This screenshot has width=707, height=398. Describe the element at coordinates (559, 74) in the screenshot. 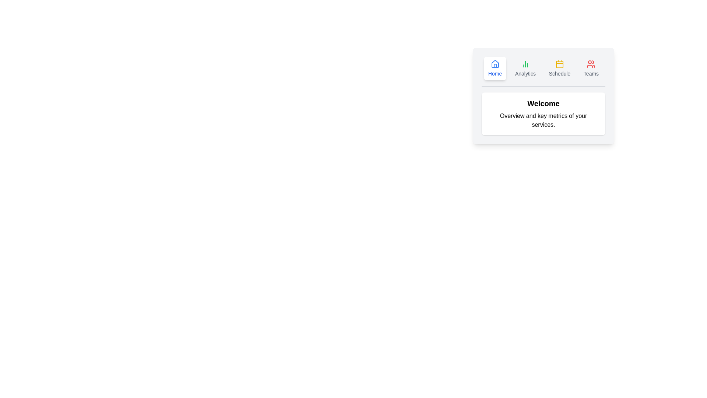

I see `text label displaying 'Schedule' located below the yellow calendar icon in the navigation bar` at that location.